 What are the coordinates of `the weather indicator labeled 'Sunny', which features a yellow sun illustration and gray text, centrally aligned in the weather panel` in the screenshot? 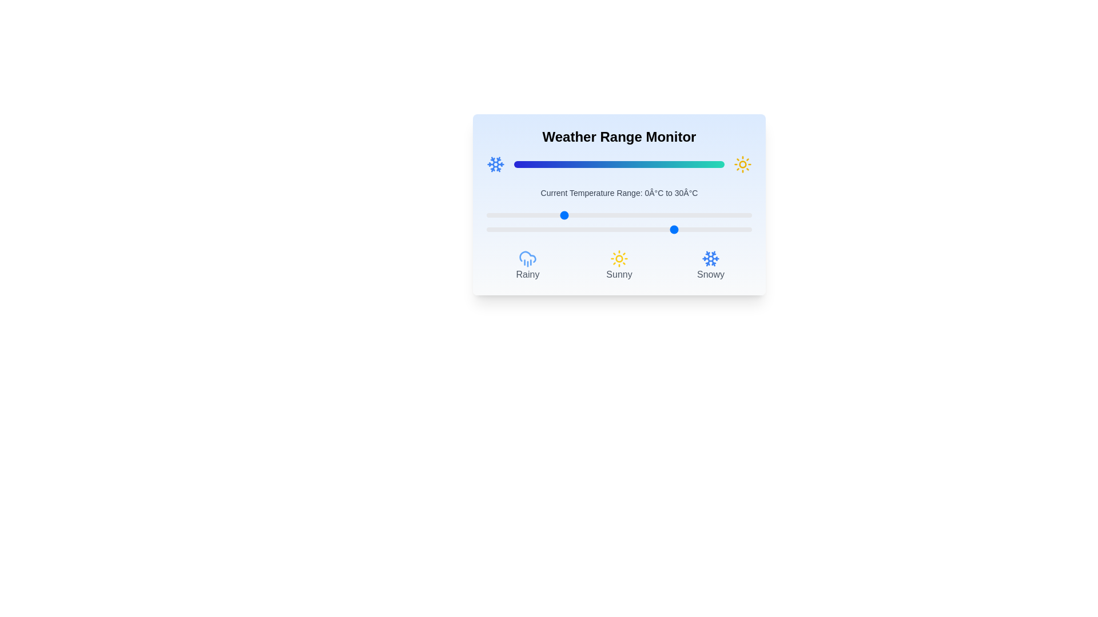 It's located at (619, 266).